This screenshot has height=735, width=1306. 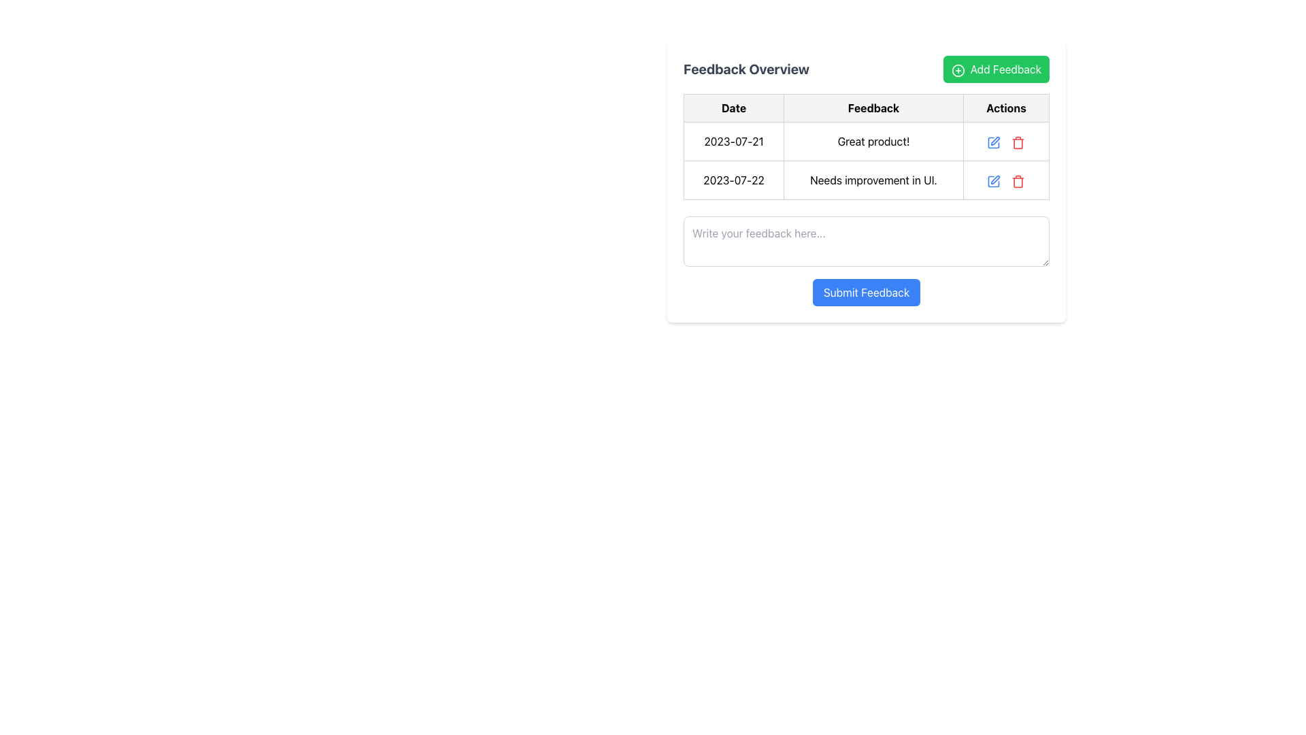 I want to click on the 'Edit' button located in the 'Actions' column of the feedback table, so click(x=994, y=142).